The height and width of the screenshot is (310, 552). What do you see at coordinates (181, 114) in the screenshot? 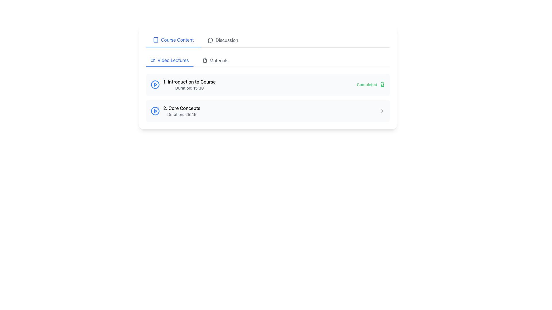
I see `the text label that reads 'Duration: 25:45', which is positioned underneath '2. Core Concepts' and is aligned left with it` at bounding box center [181, 114].